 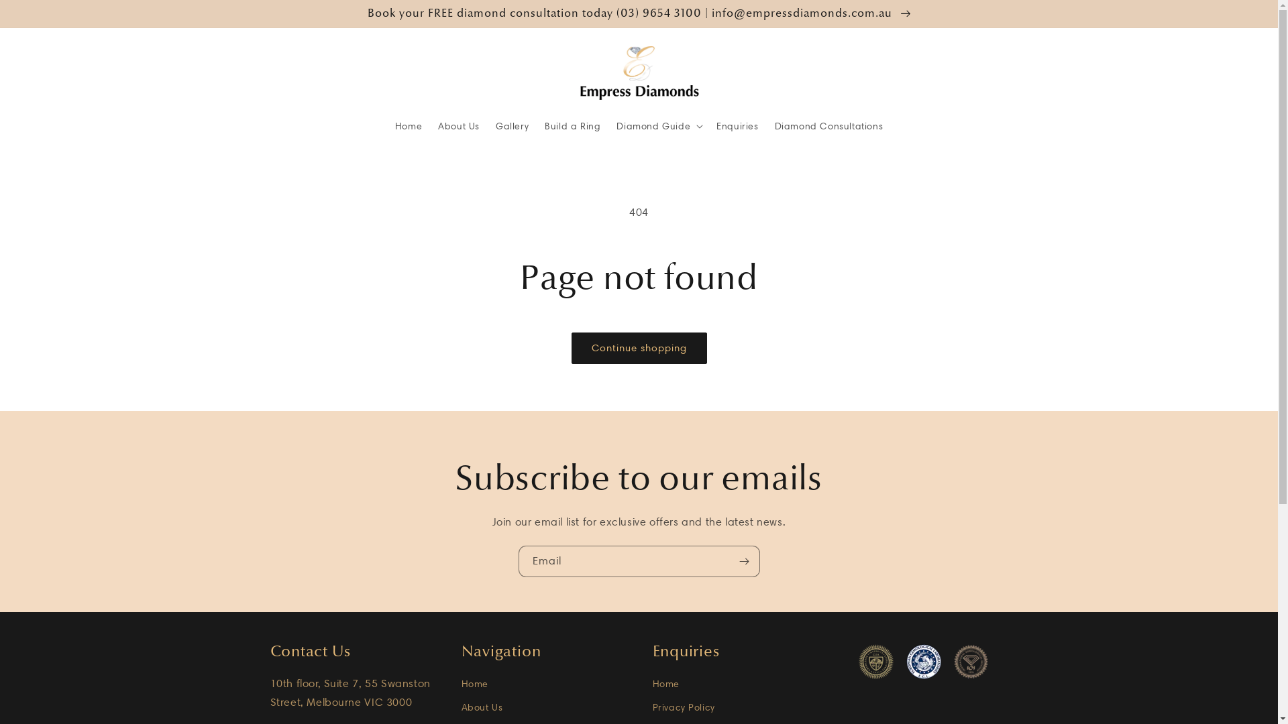 What do you see at coordinates (828, 126) in the screenshot?
I see `'Diamond Consultations'` at bounding box center [828, 126].